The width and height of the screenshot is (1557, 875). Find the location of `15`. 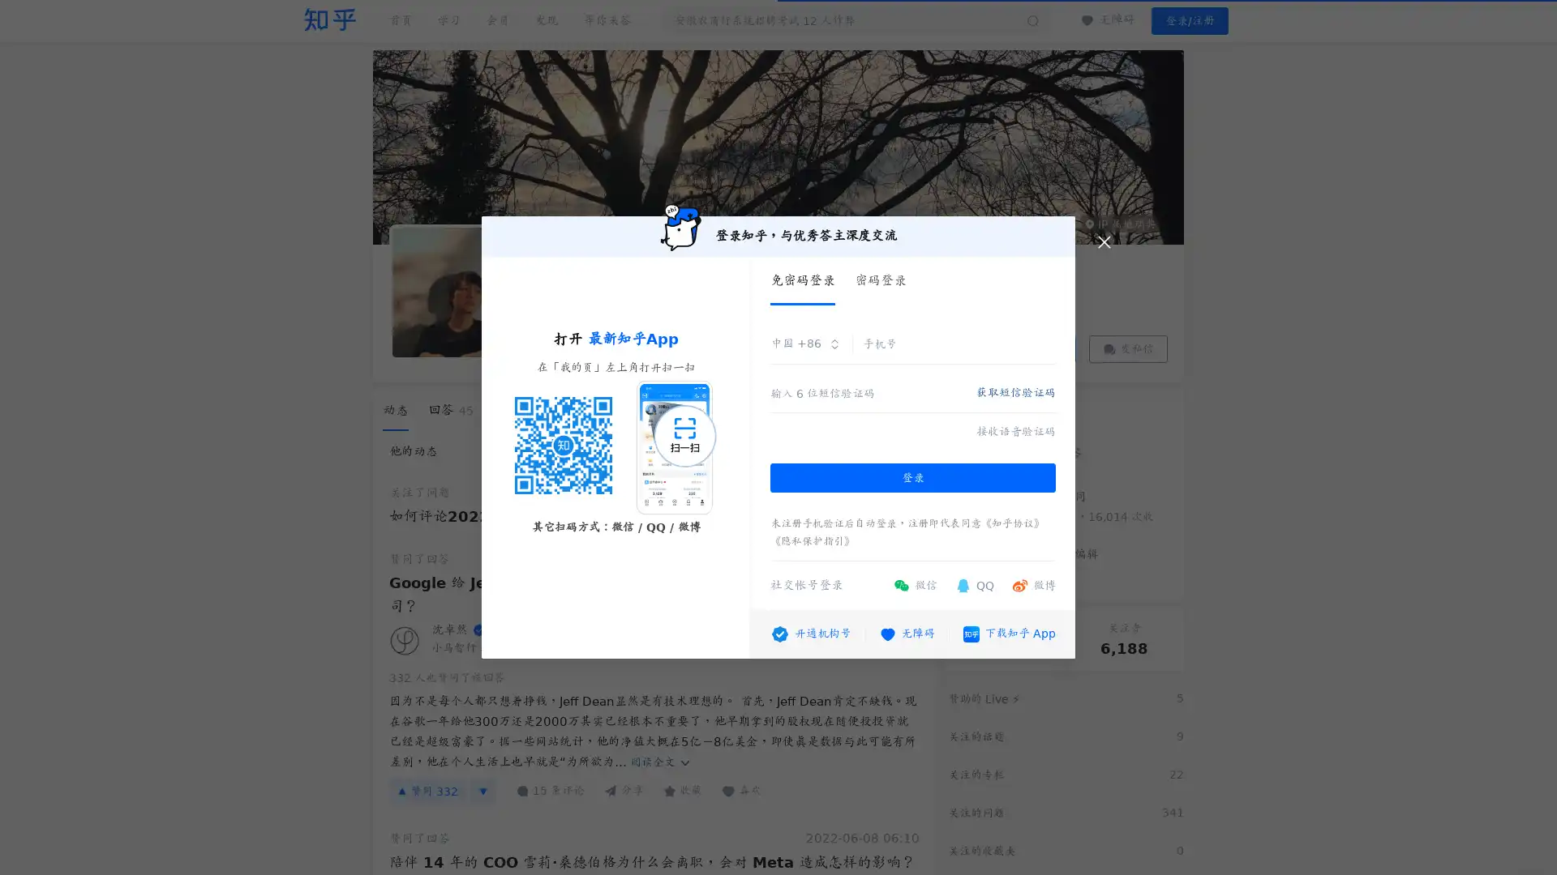

15 is located at coordinates (549, 790).